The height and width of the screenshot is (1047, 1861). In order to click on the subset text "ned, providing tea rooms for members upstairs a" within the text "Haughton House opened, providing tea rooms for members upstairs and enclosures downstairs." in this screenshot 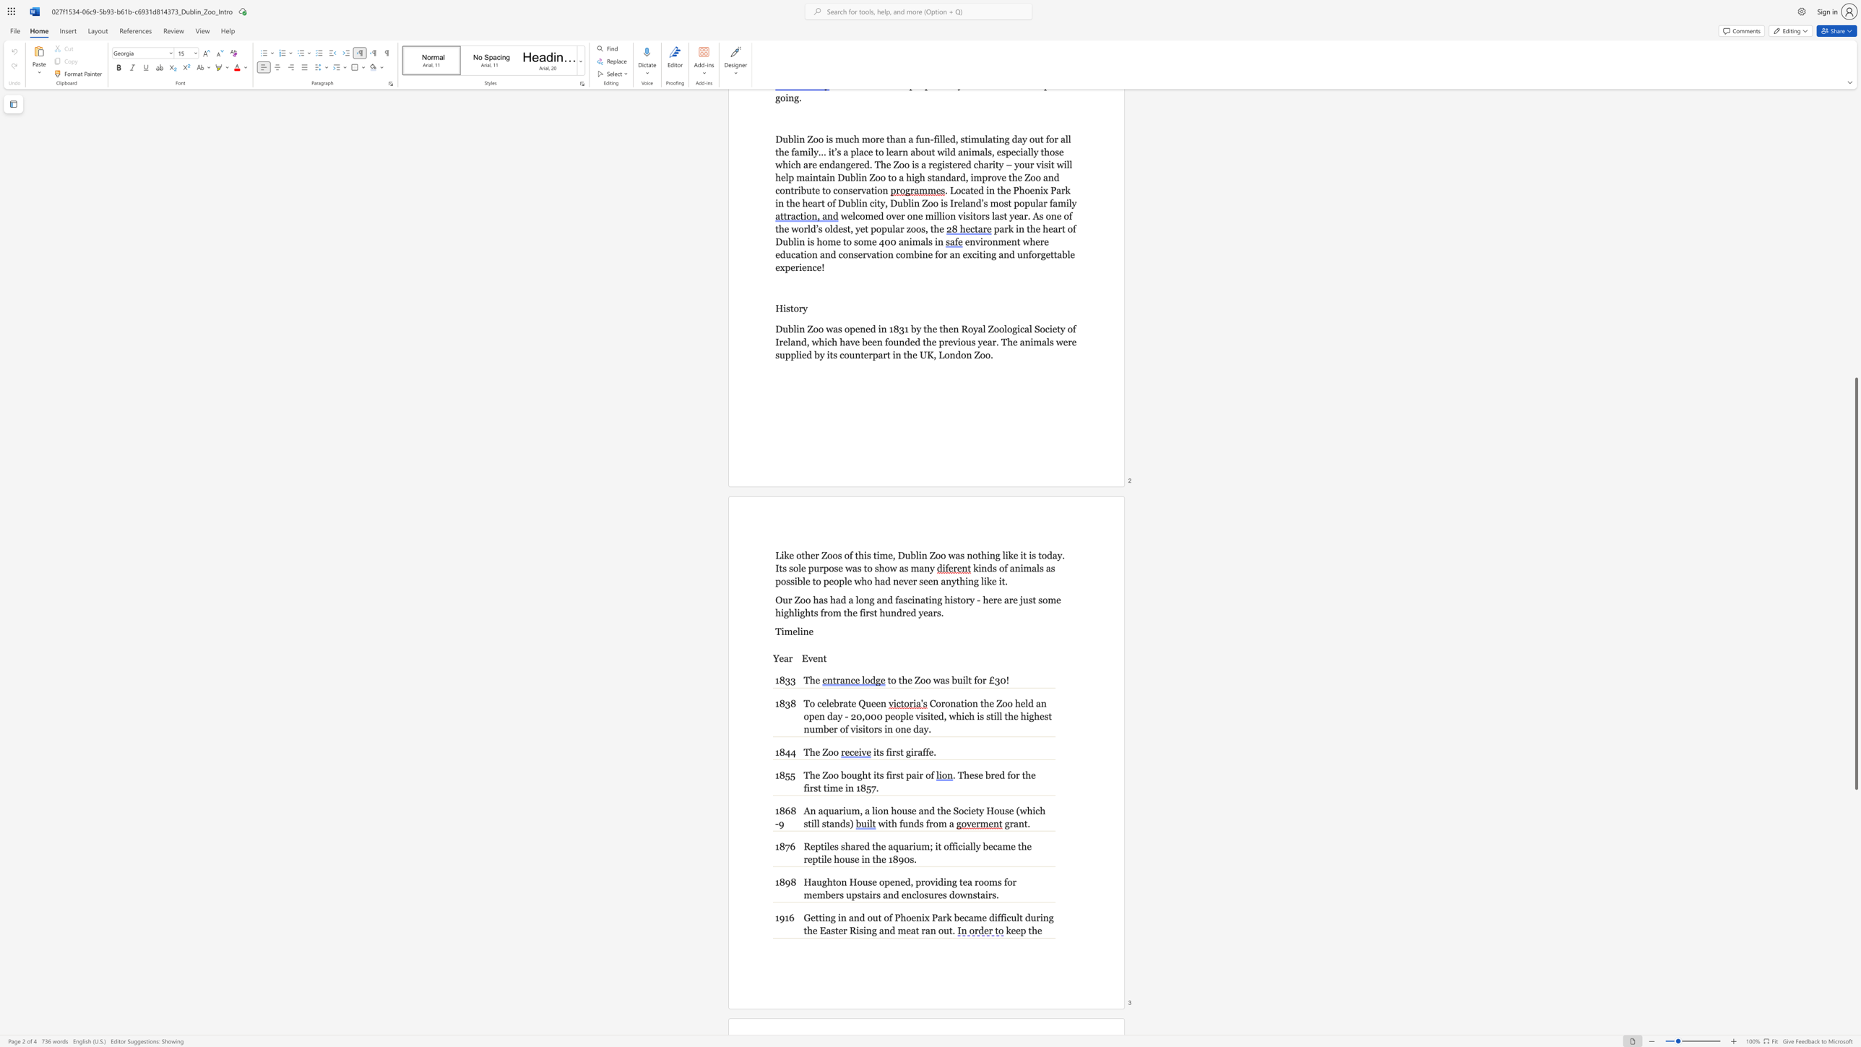, I will do `click(894, 882)`.